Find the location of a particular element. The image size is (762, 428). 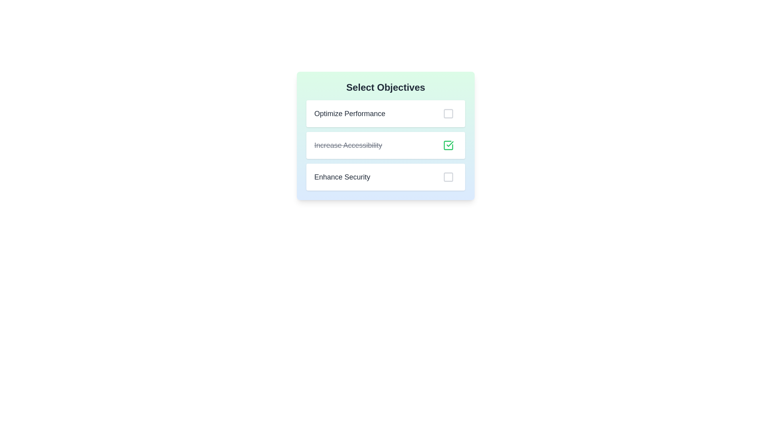

the Checkbox indicator icon representing the 'Increase Accessibility' option is located at coordinates (448, 145).